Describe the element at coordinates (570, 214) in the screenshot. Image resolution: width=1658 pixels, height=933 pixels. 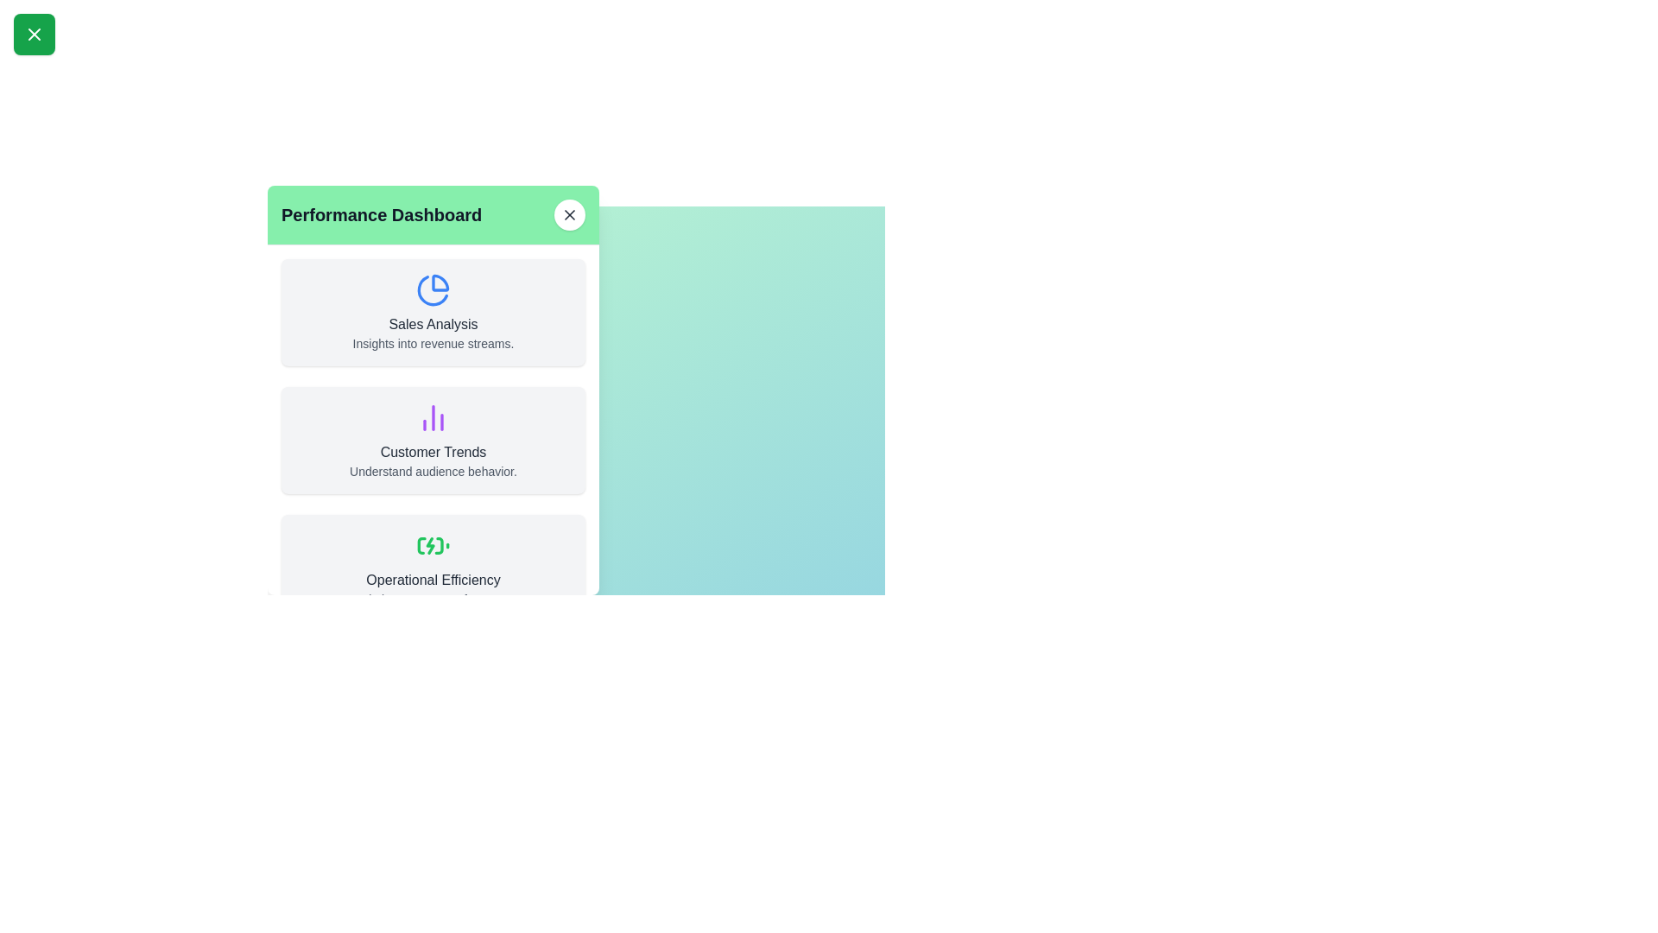
I see `the close button located at the top right corner of the 'Performance Dashboard' header` at that location.